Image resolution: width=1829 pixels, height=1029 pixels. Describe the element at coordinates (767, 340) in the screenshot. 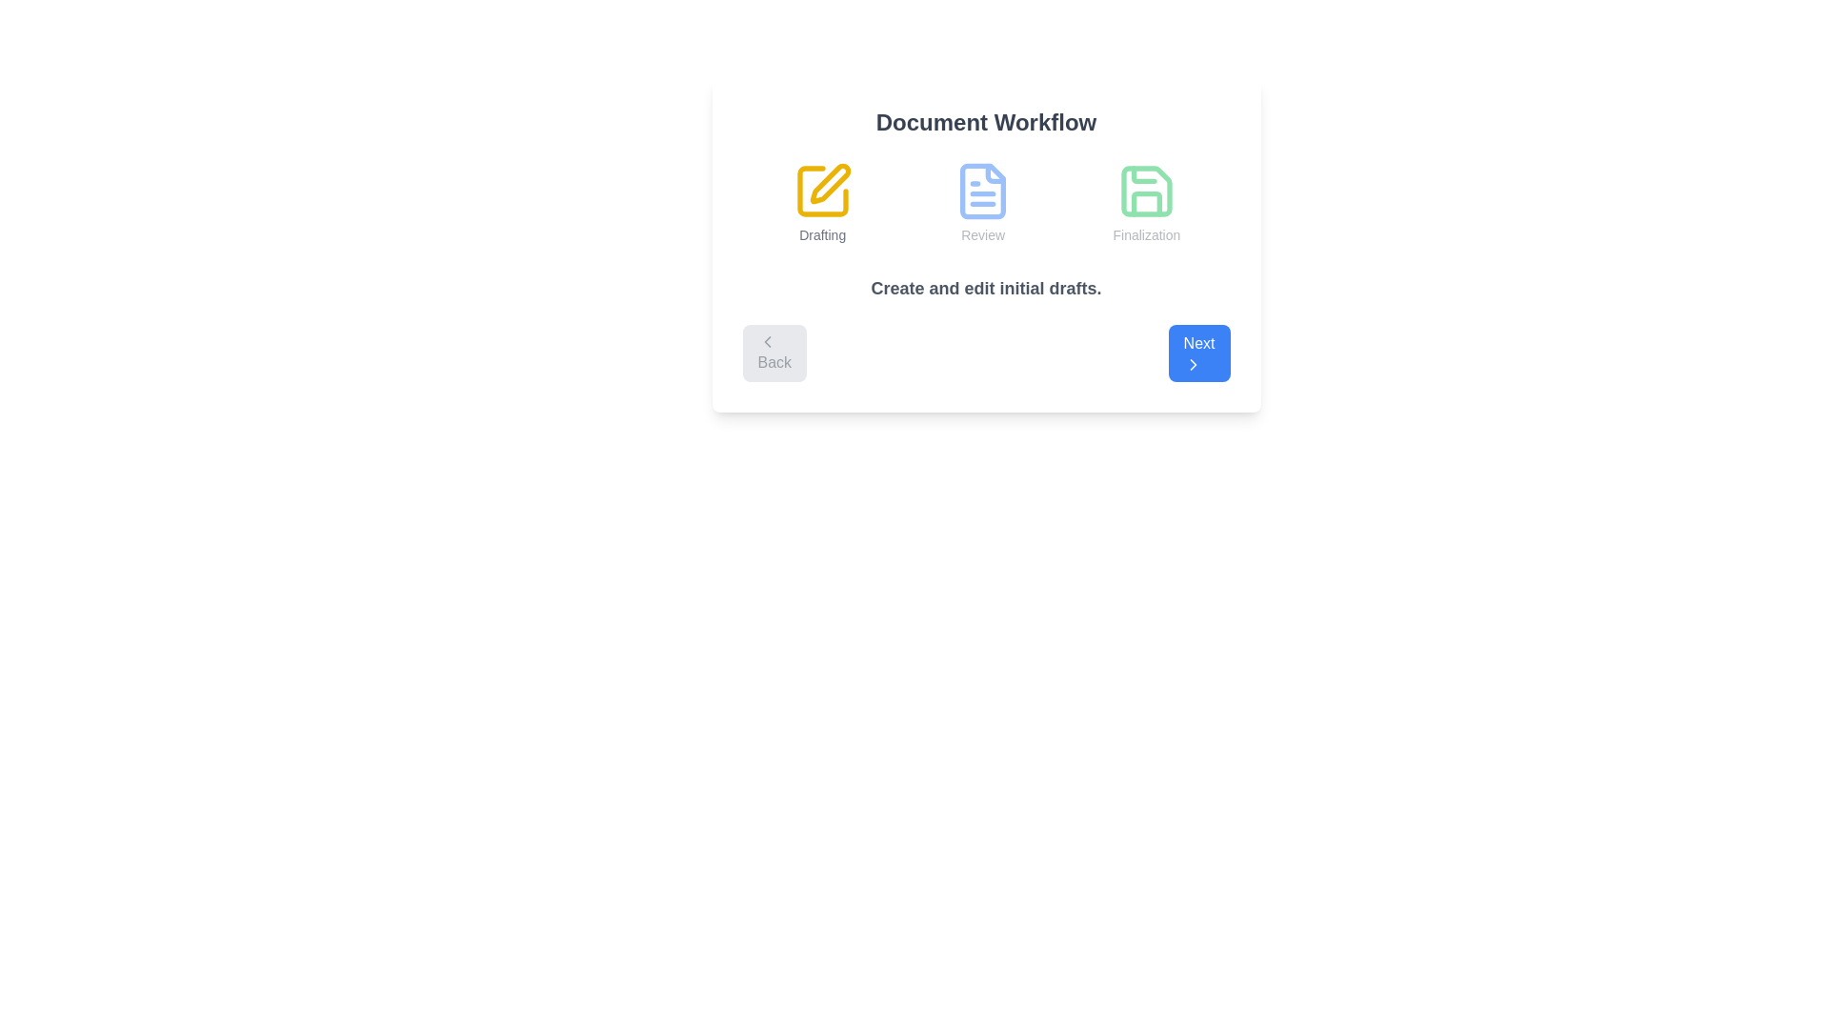

I see `the 'Back' button which contains the visual arrow indicator for navigation to the previous step or page` at that location.